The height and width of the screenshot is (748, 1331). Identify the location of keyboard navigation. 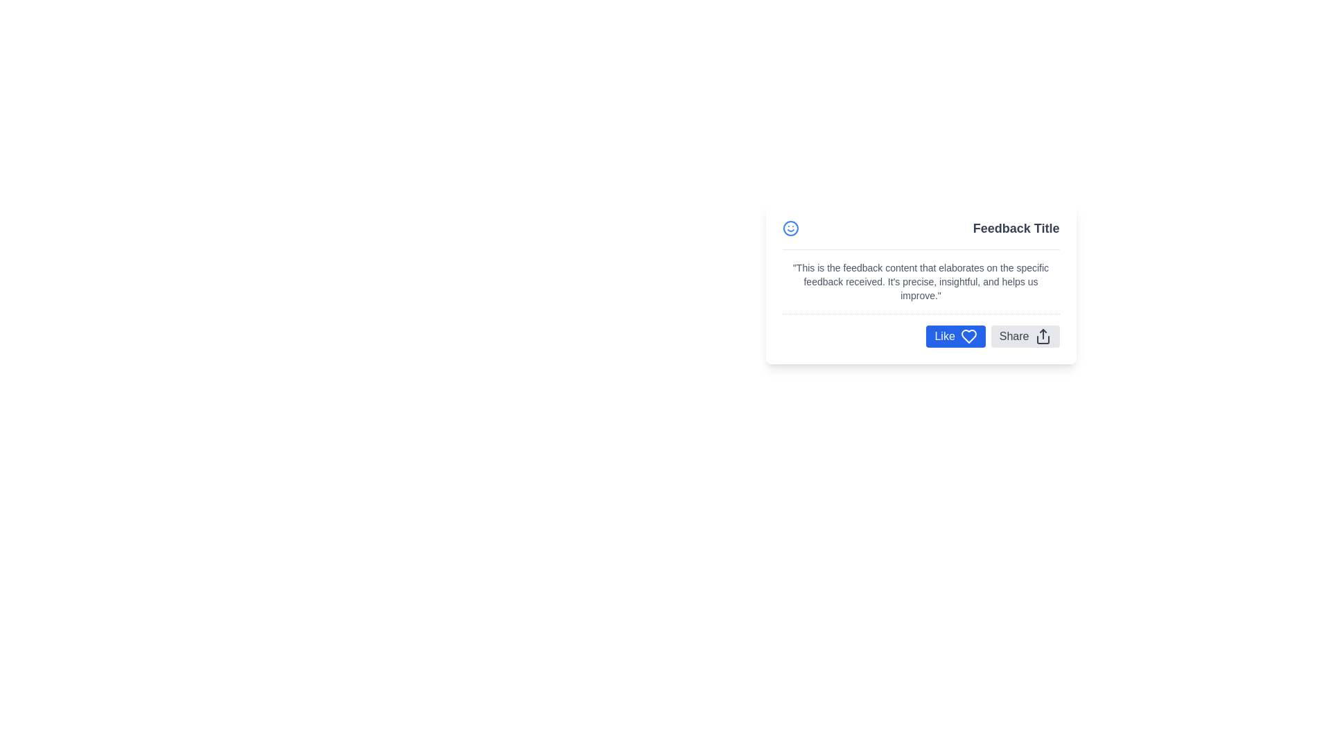
(955, 337).